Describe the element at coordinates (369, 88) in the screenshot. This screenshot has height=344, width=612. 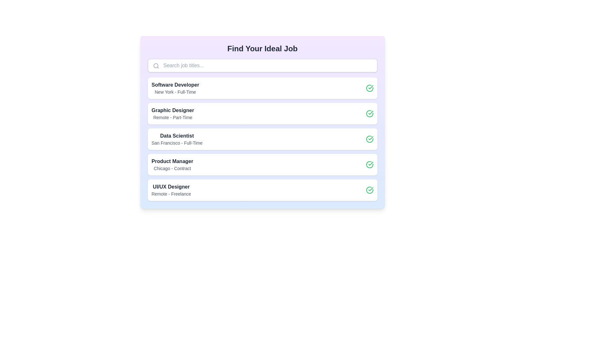
I see `the circular icon with a green outline and a green checkmark, located to the far right of the first job title row` at that location.